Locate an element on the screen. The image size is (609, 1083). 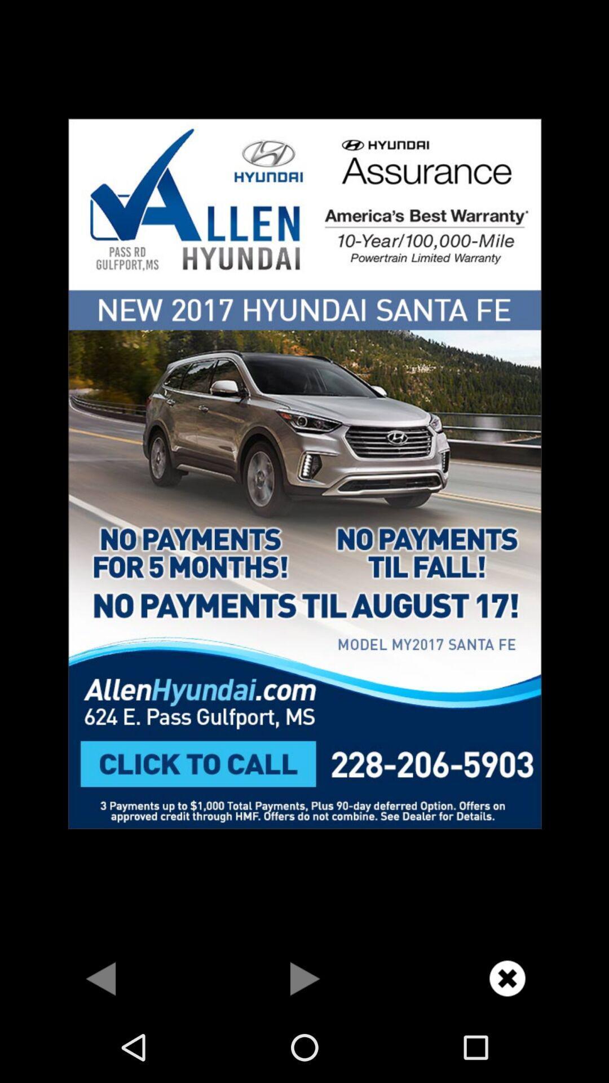
the play icon is located at coordinates (304, 1046).